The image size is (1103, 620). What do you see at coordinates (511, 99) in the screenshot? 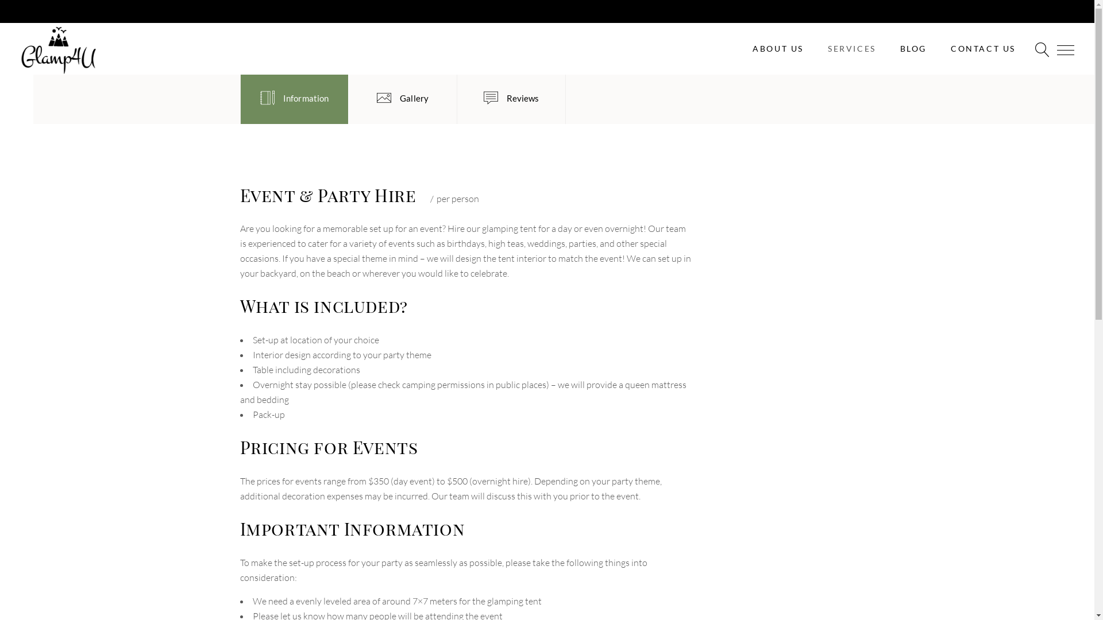
I see `'Reviews'` at bounding box center [511, 99].